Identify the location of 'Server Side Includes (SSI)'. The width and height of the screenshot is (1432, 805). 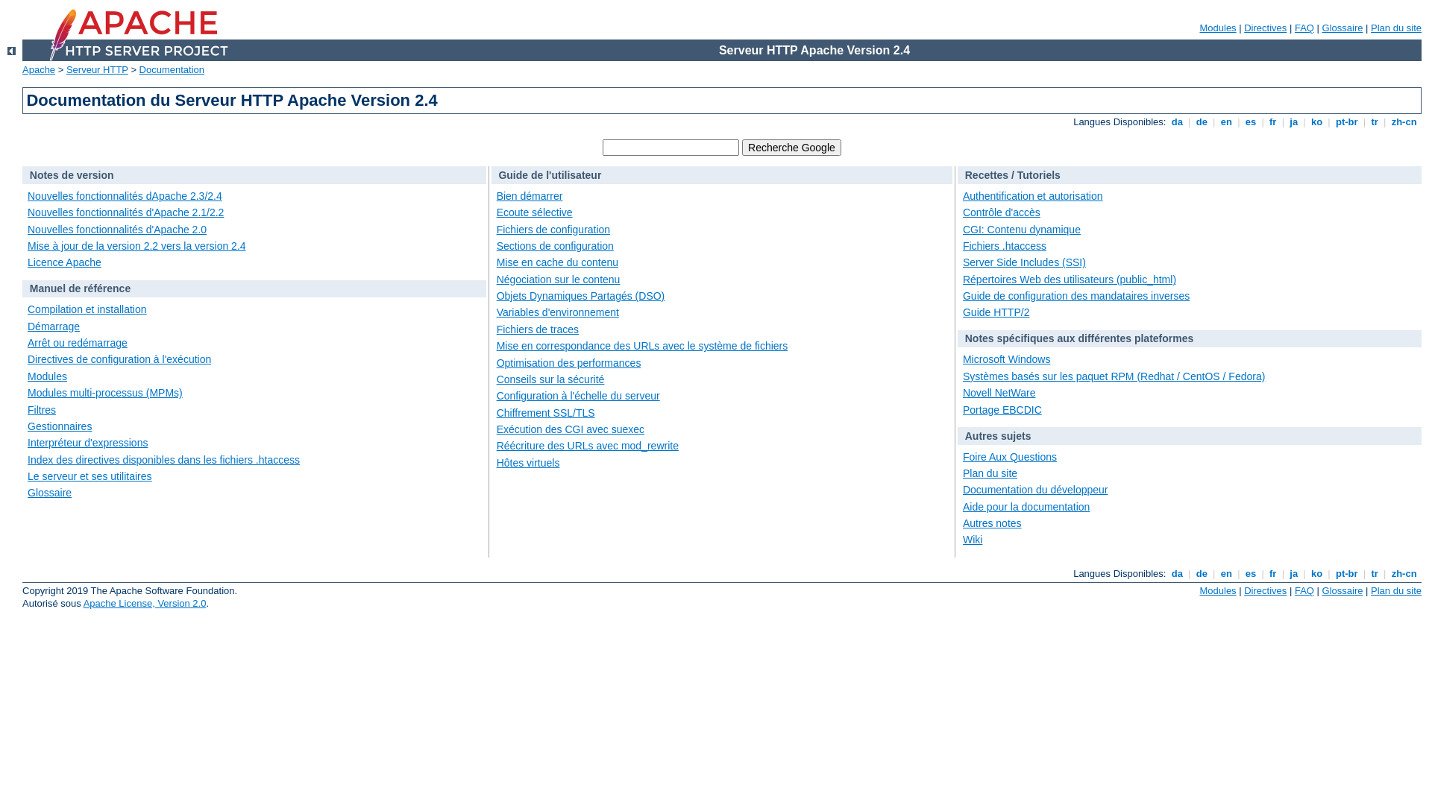
(1023, 261).